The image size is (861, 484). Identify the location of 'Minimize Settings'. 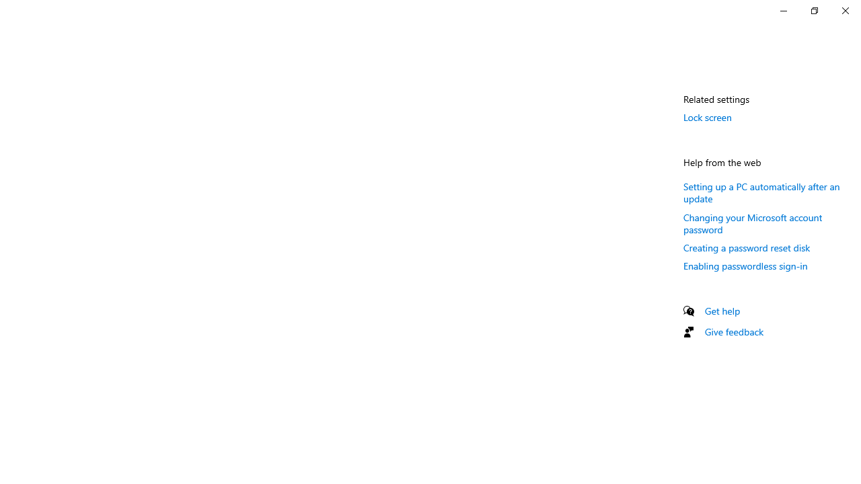
(783, 10).